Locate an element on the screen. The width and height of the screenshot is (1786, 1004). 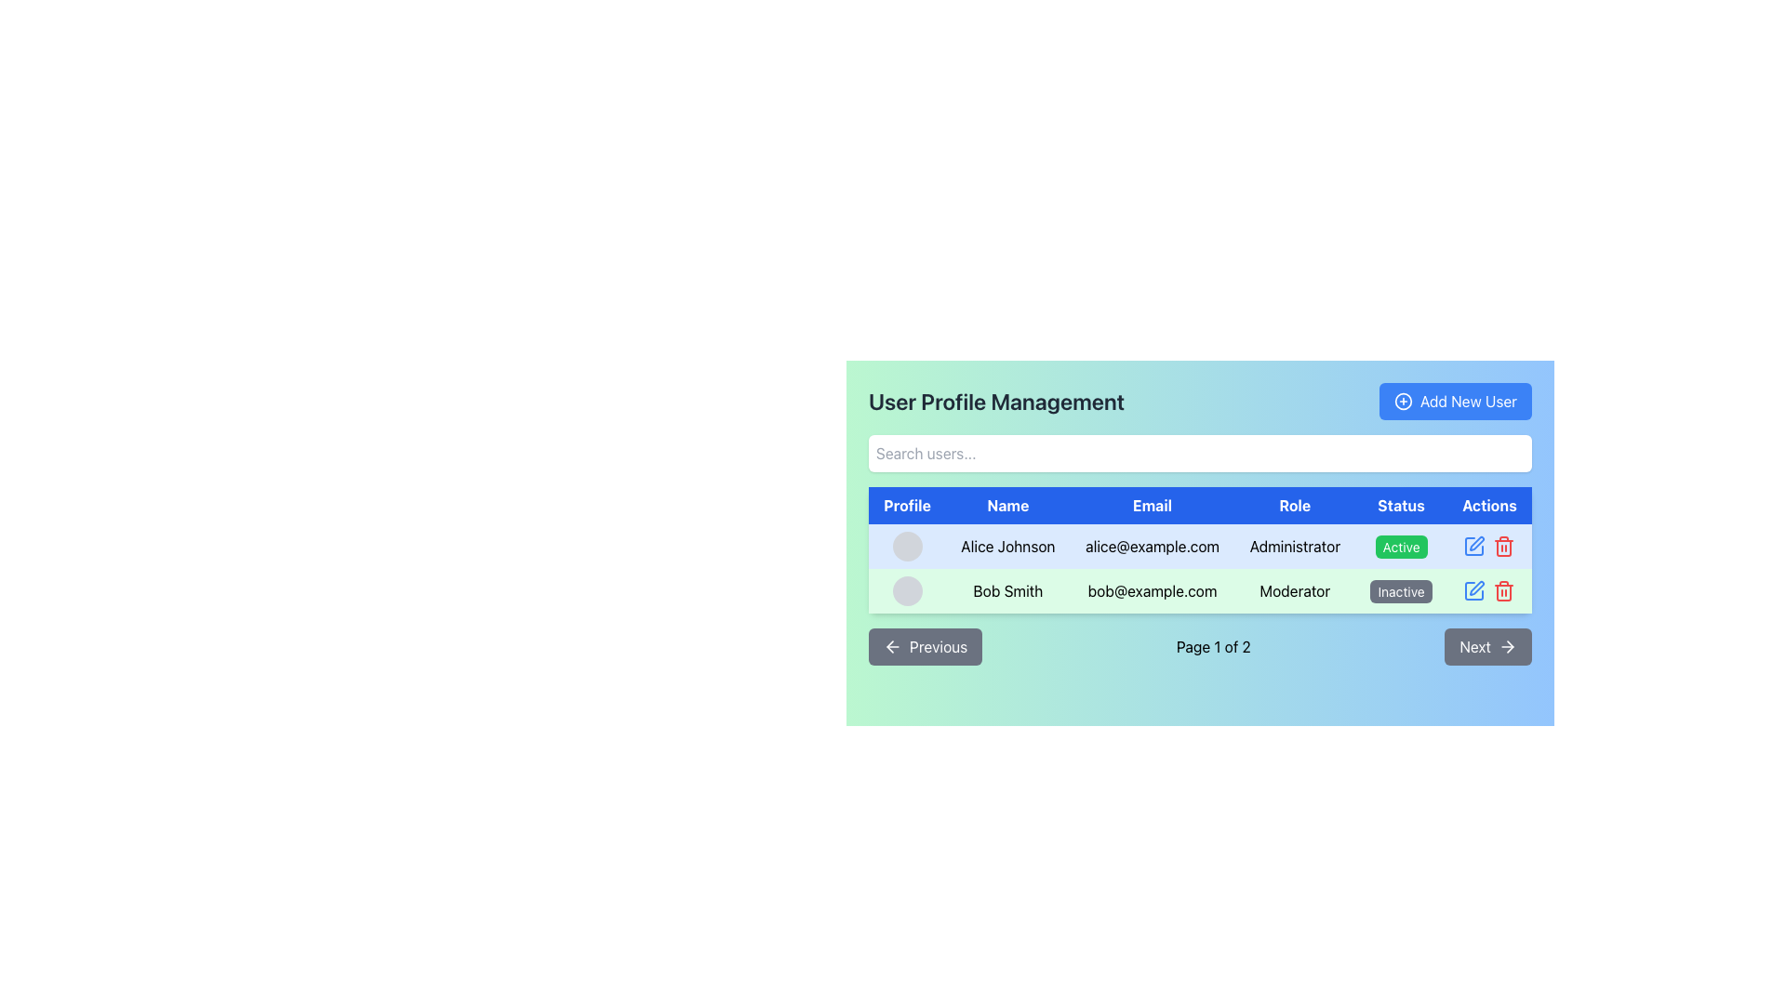
the edit icon in the group of action buttons for 'Bob Smith' located in the 'Actions' column of the second row of the user table is located at coordinates (1489, 591).